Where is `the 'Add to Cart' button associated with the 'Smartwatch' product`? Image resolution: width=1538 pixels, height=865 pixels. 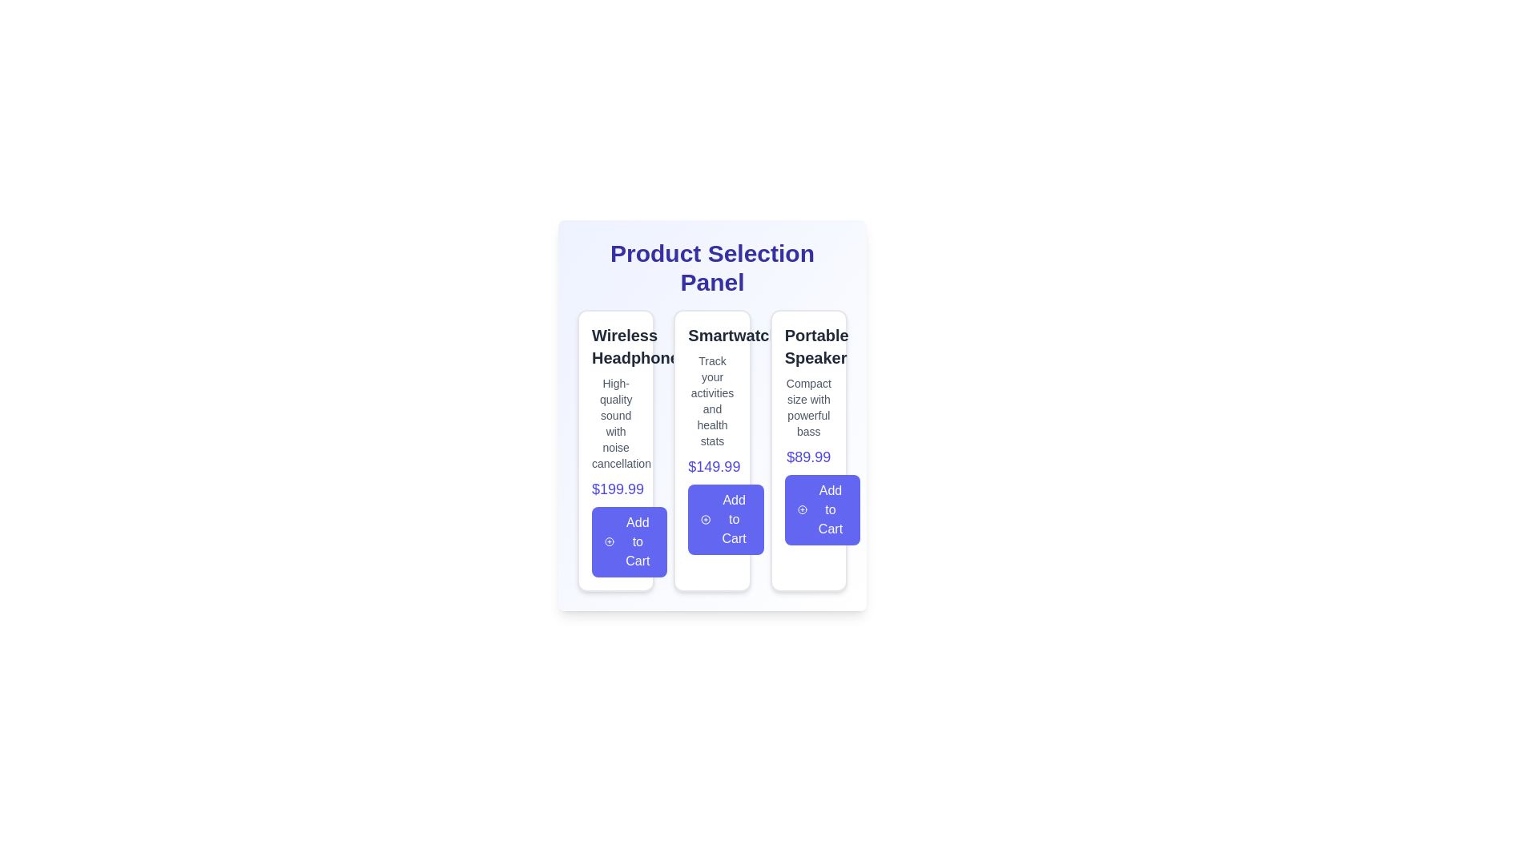 the 'Add to Cart' button associated with the 'Smartwatch' product is located at coordinates (725, 519).